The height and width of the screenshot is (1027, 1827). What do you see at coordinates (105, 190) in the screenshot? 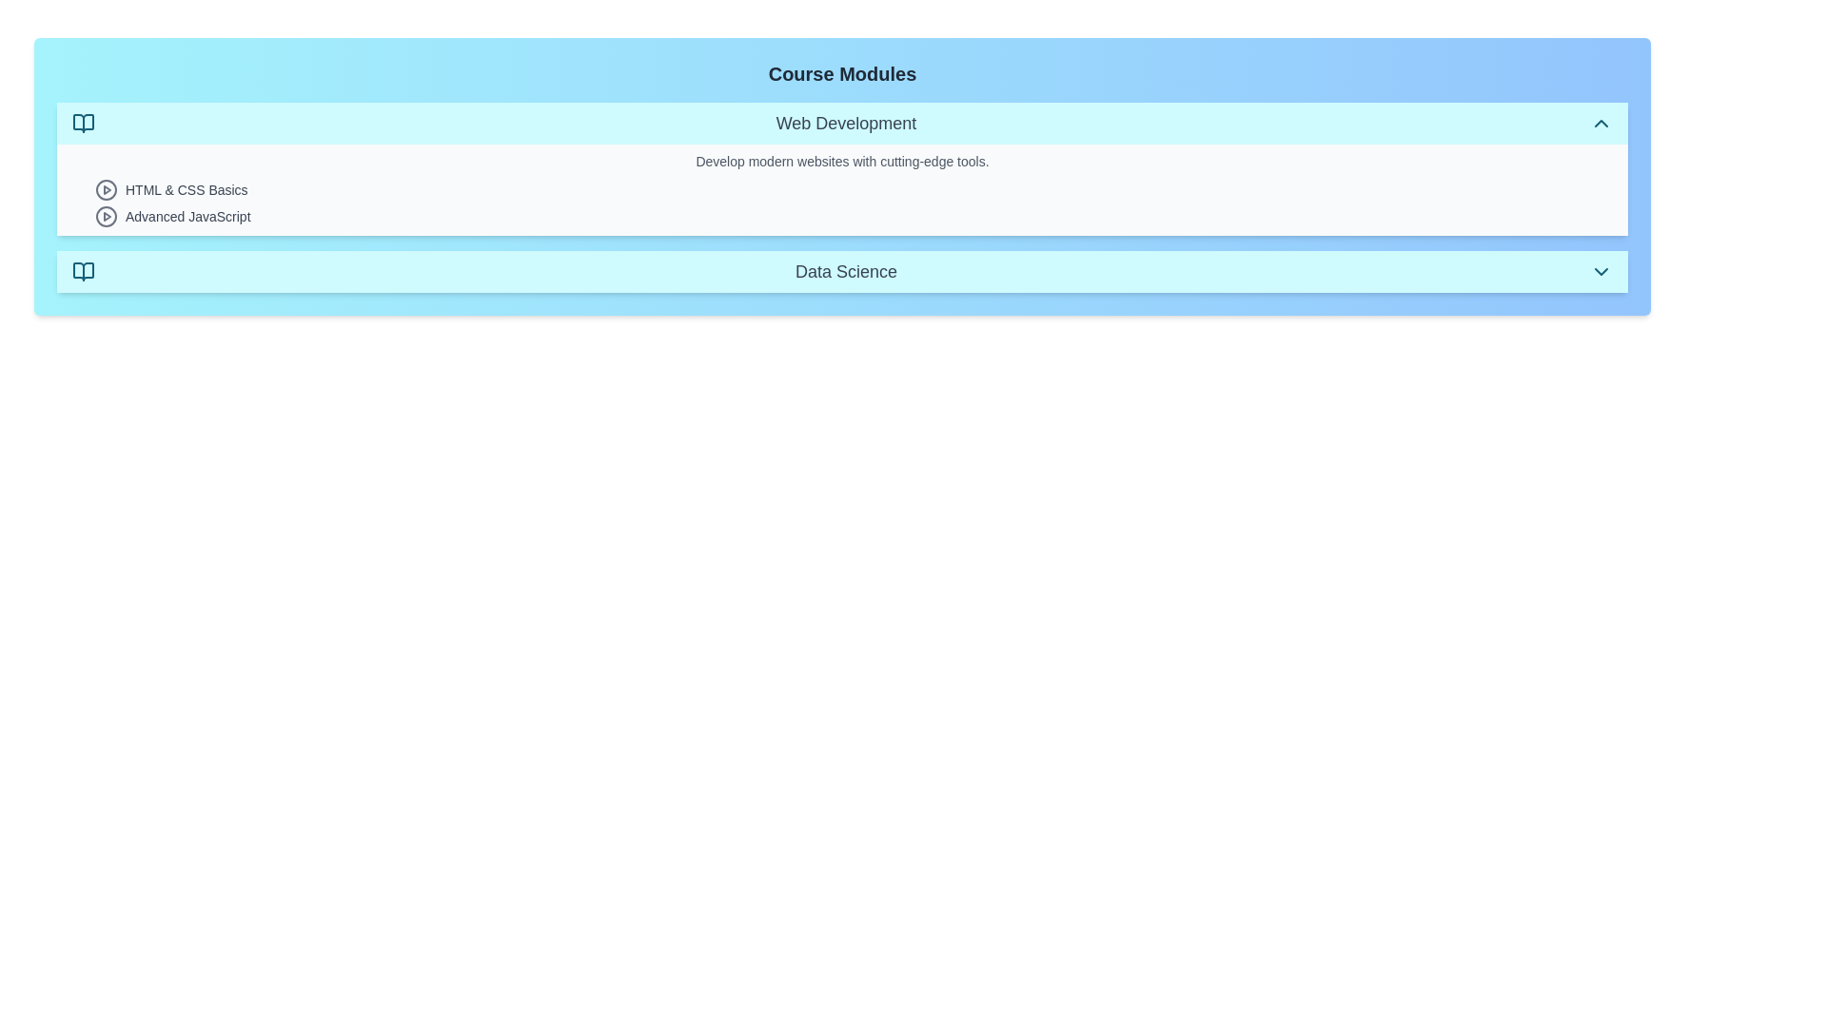
I see `the circular outline of the play button located to the left of the 'HTML & CSS Basics' text in the first module's listing` at bounding box center [105, 190].